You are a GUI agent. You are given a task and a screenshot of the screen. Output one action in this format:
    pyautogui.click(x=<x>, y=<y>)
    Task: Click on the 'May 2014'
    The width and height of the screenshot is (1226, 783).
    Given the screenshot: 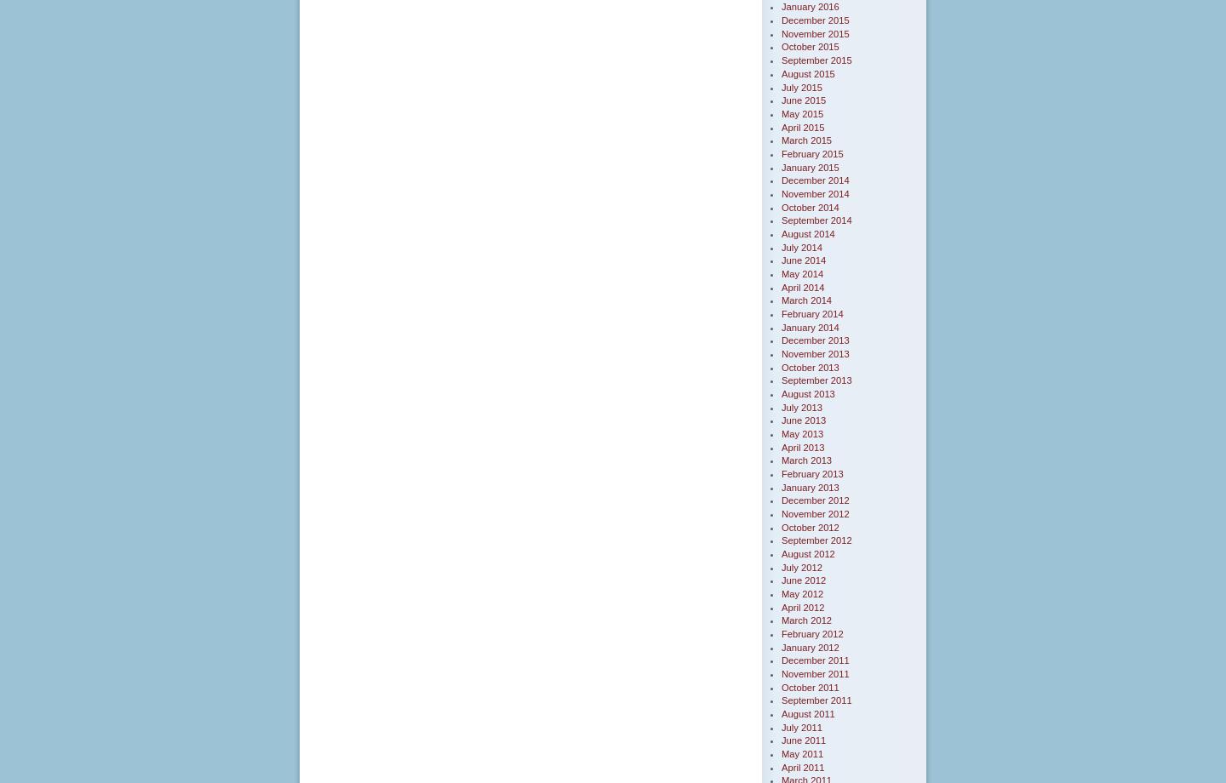 What is the action you would take?
    pyautogui.click(x=802, y=272)
    